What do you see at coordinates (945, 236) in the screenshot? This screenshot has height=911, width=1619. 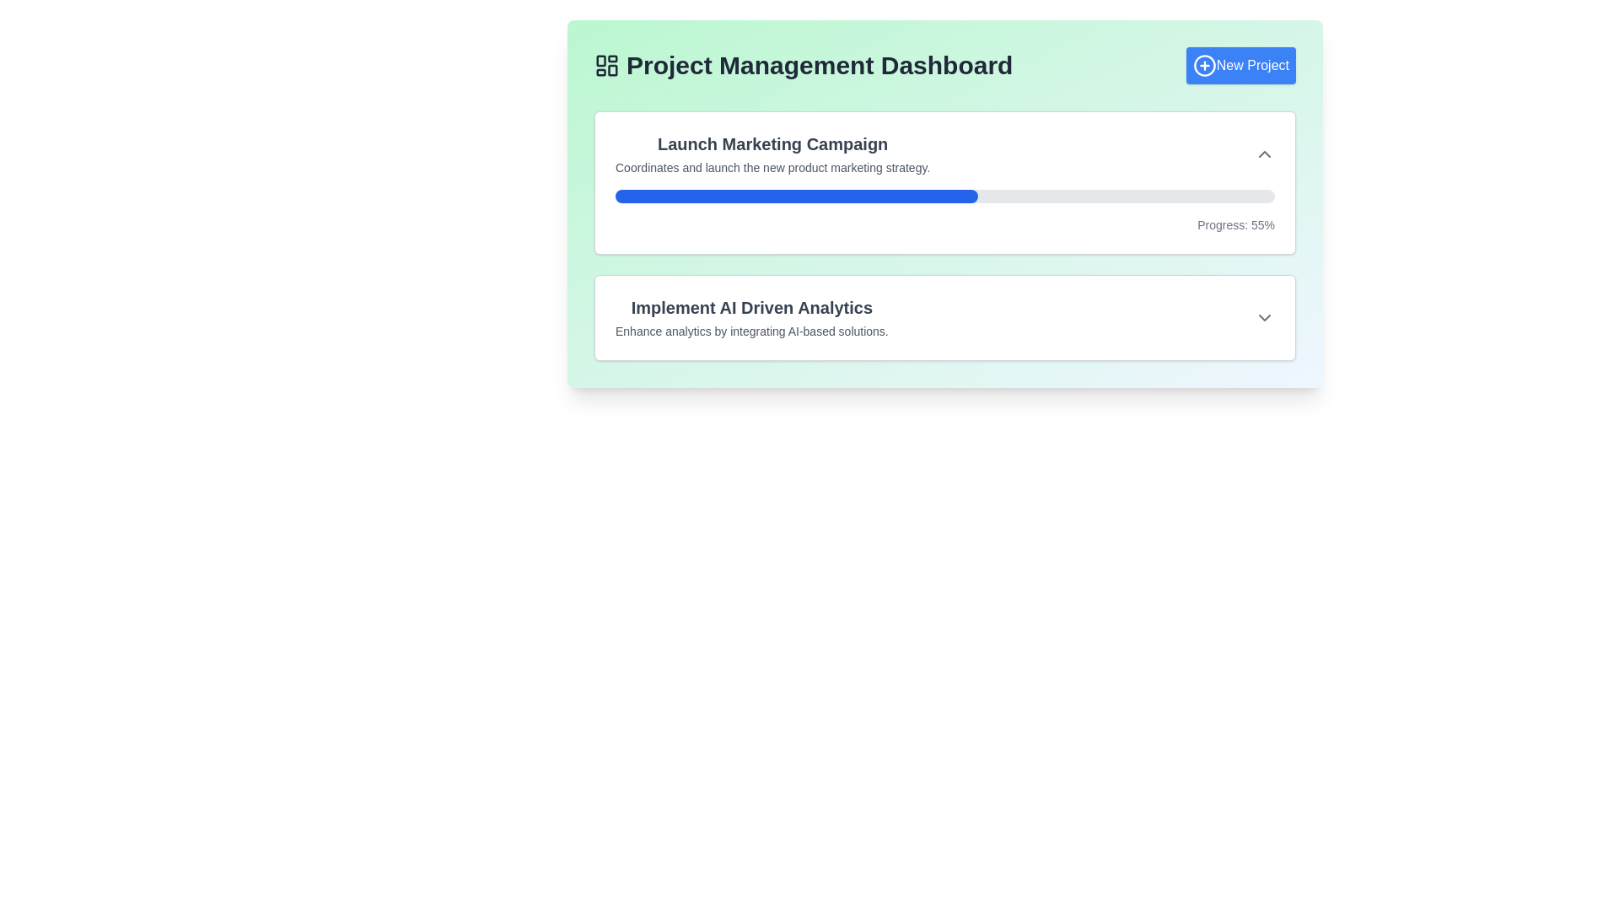 I see `the Content card in the Project Management Dashboard, which has a white background, shadow effect, and rounded corners, showing a progress bar at 55%` at bounding box center [945, 236].